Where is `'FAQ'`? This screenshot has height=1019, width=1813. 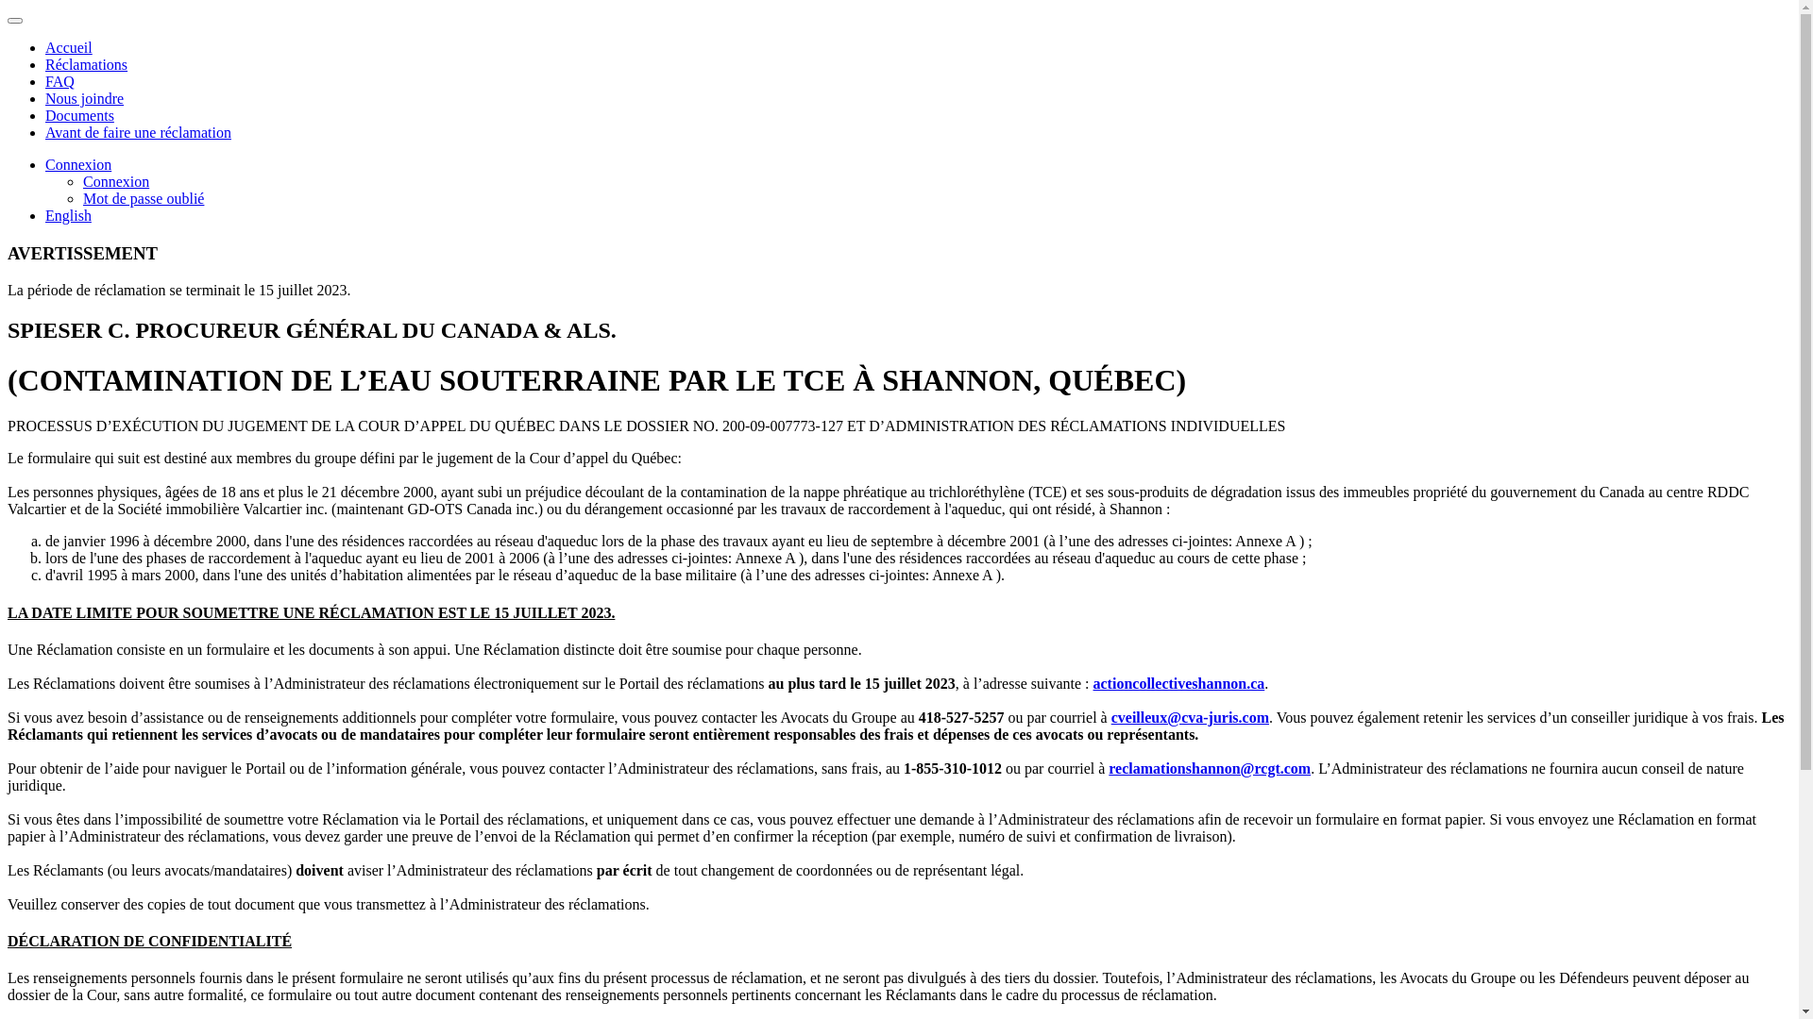 'FAQ' is located at coordinates (59, 80).